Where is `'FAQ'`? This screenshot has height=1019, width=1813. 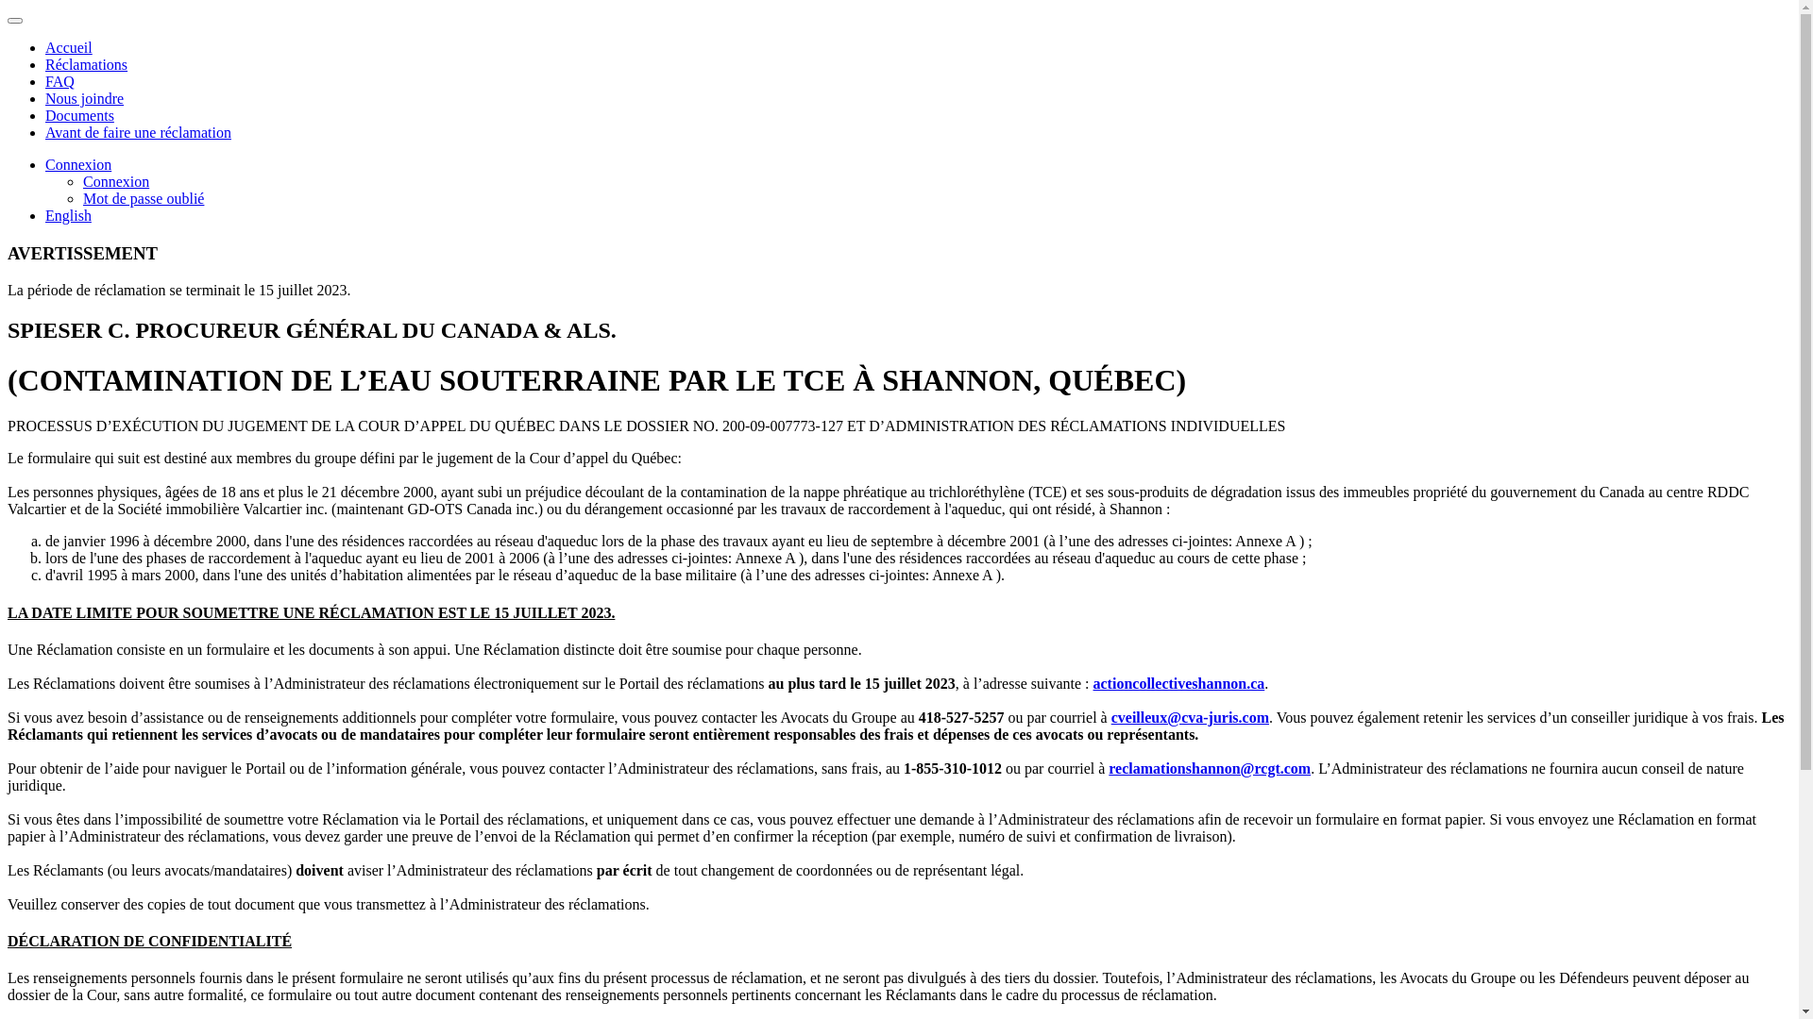 'FAQ' is located at coordinates (59, 80).